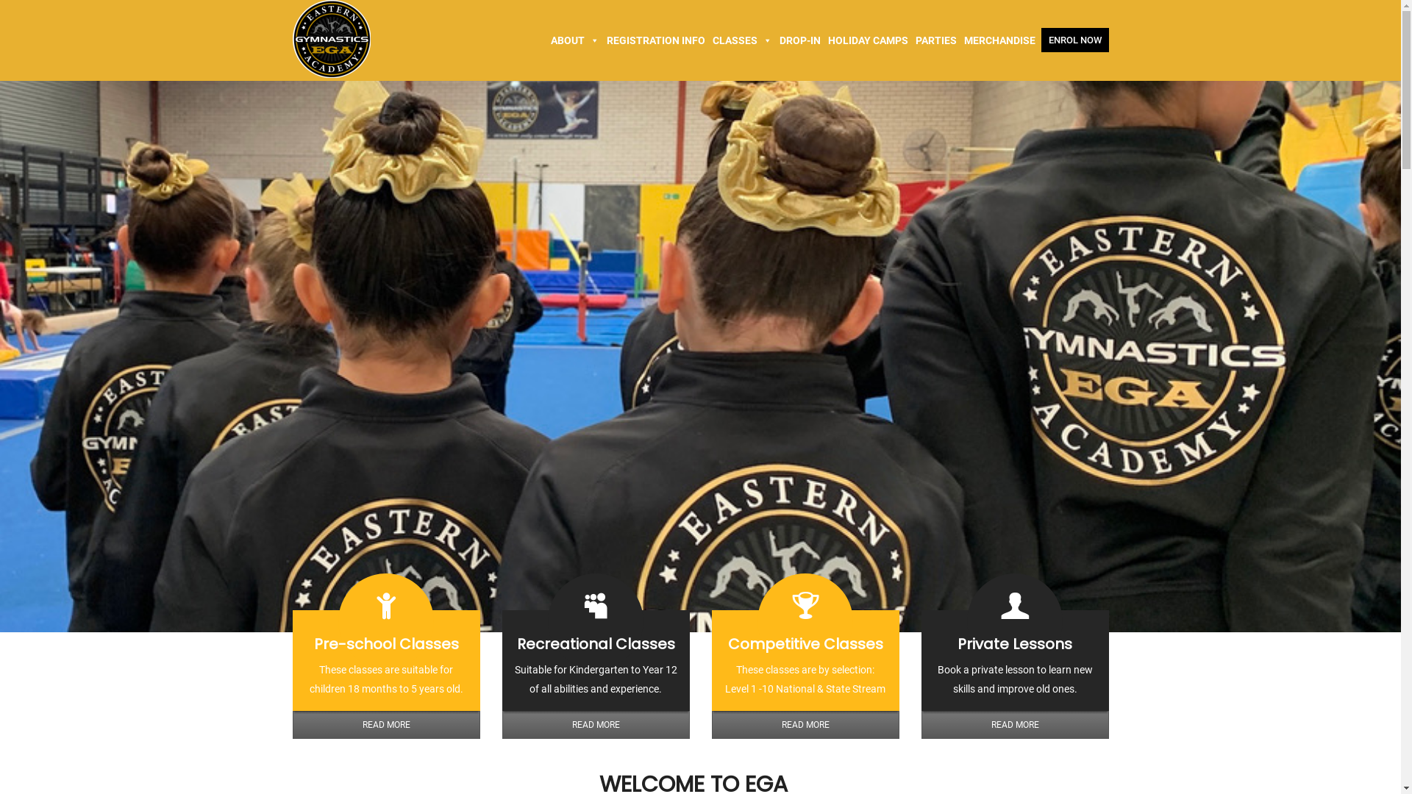 The height and width of the screenshot is (794, 1412). Describe the element at coordinates (742, 39) in the screenshot. I see `'CLASSES'` at that location.